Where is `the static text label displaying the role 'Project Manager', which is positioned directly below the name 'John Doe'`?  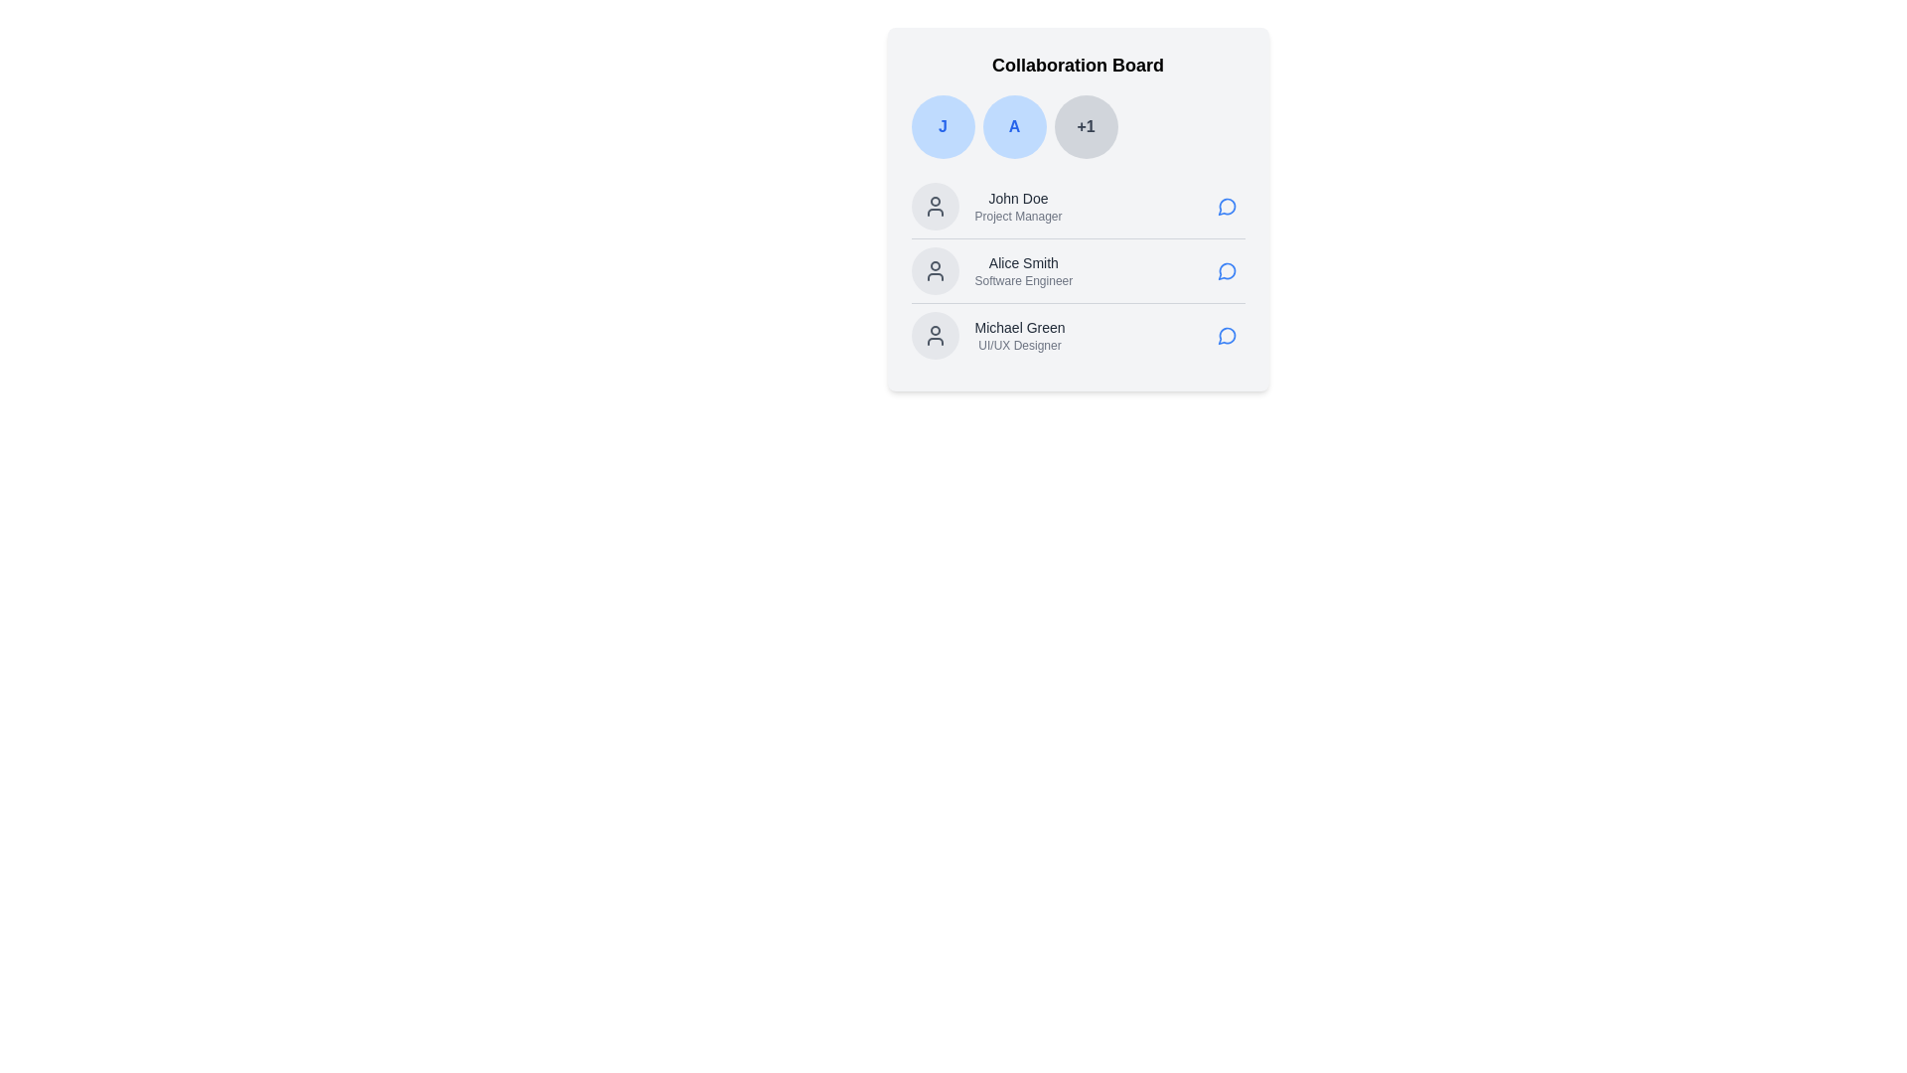 the static text label displaying the role 'Project Manager', which is positioned directly below the name 'John Doe' is located at coordinates (1018, 217).